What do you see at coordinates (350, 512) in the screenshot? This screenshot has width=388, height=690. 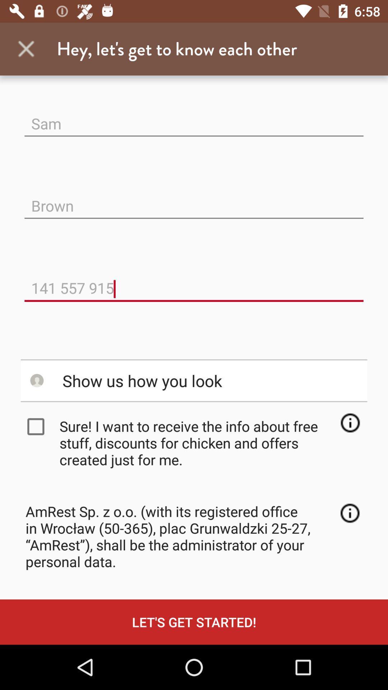 I see `more information` at bounding box center [350, 512].